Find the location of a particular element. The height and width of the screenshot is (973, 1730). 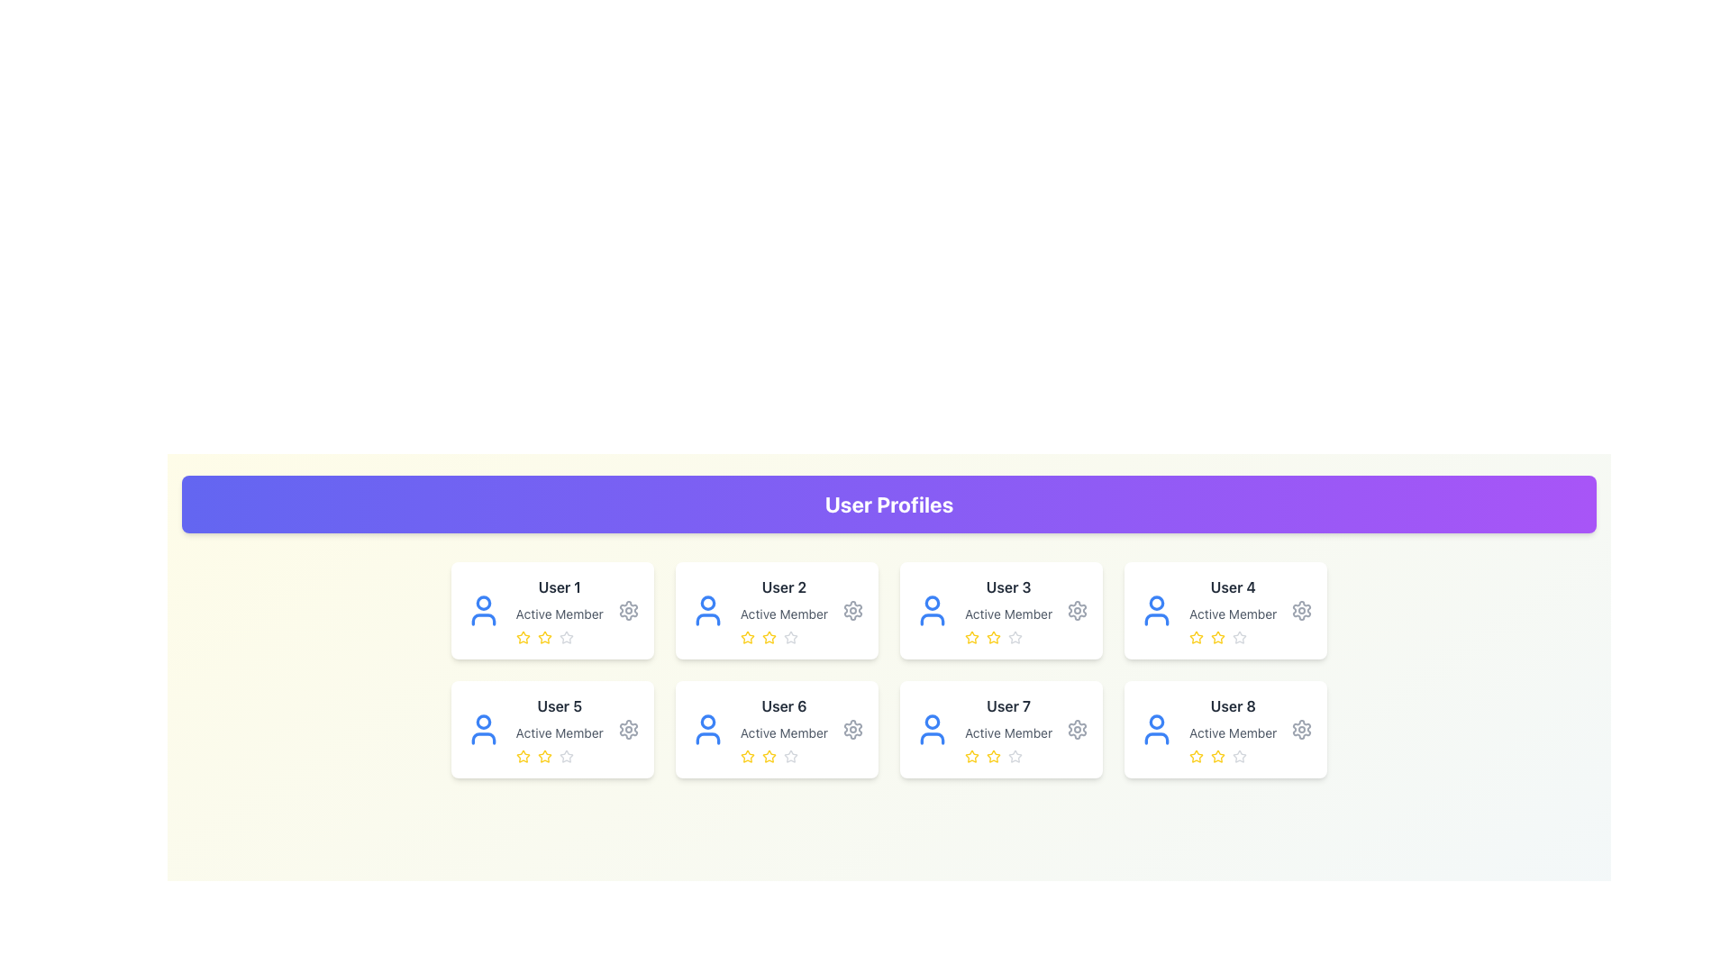

the first yellow star-shaped rating icon in the user card component located in the upper-left corner of the grid is located at coordinates (522, 637).